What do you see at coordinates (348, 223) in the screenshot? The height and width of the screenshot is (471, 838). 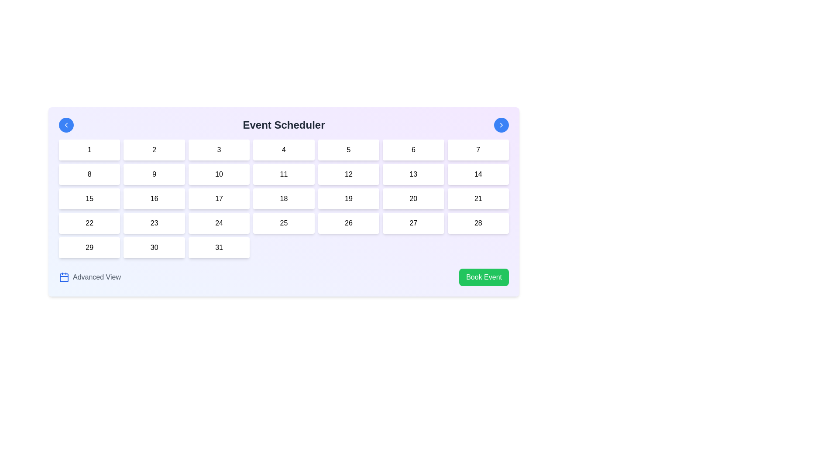 I see `the white button with the number '26' in bold black font, located in the fourth row and sixth column of the calendar grid` at bounding box center [348, 223].